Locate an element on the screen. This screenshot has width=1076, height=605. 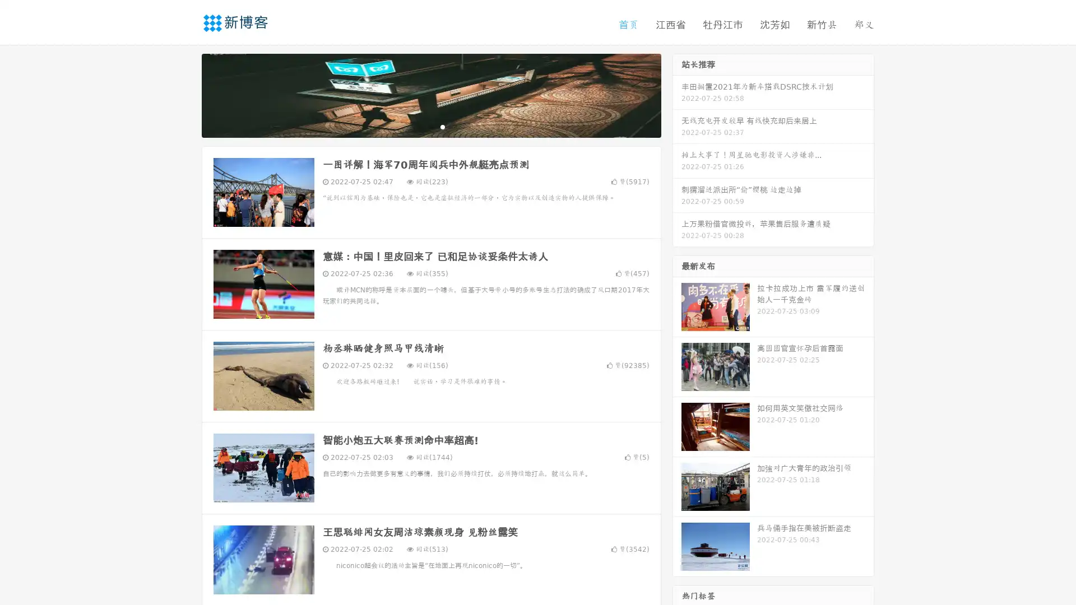
Go to slide 1 is located at coordinates (419, 126).